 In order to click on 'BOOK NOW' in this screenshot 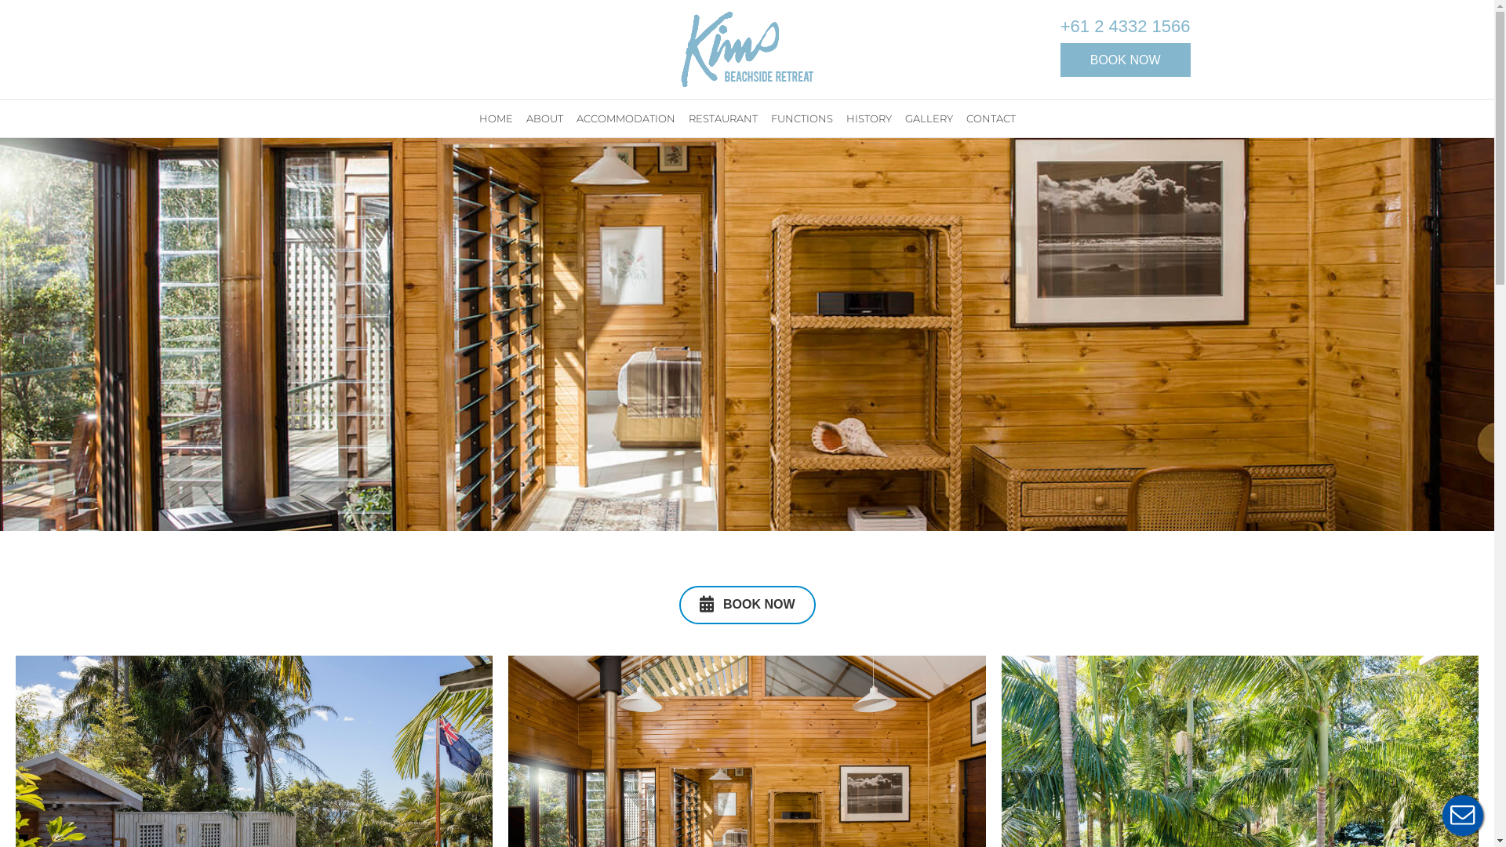, I will do `click(747, 604)`.